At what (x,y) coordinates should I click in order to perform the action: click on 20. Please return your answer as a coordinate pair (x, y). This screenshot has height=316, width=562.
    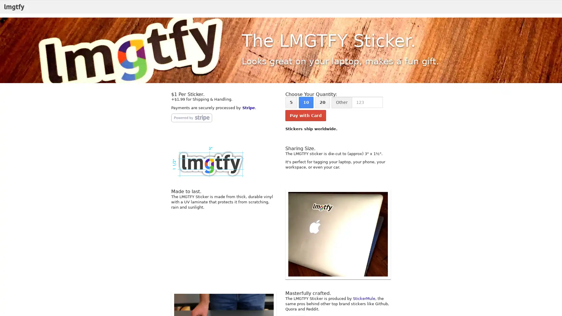
    Looking at the image, I should click on (322, 102).